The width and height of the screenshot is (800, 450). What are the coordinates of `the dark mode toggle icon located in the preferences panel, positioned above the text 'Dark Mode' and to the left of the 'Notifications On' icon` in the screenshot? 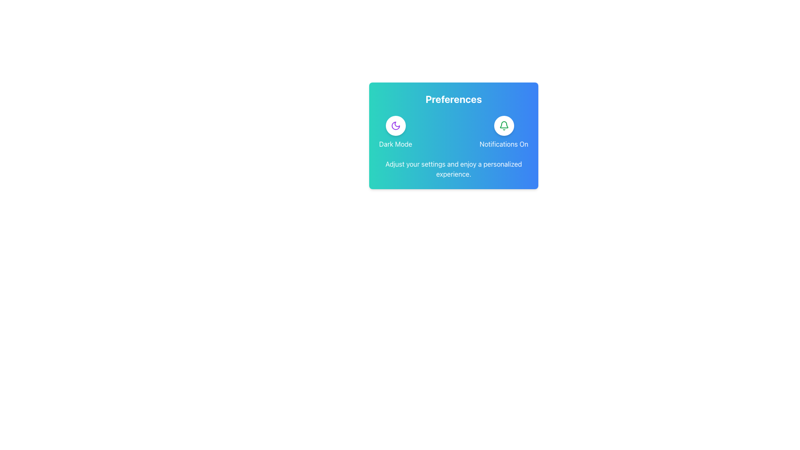 It's located at (395, 125).